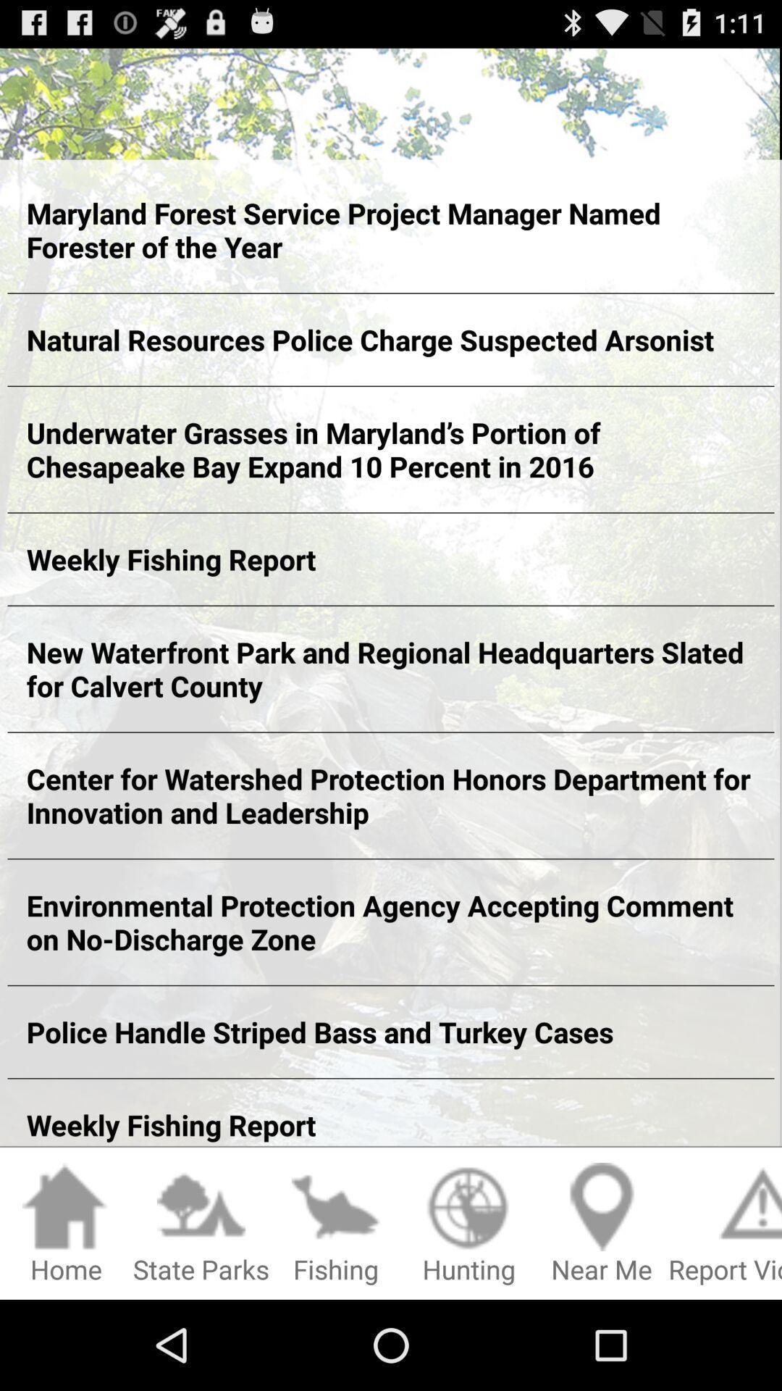  Describe the element at coordinates (602, 1224) in the screenshot. I see `the item to the right of hunting icon` at that location.